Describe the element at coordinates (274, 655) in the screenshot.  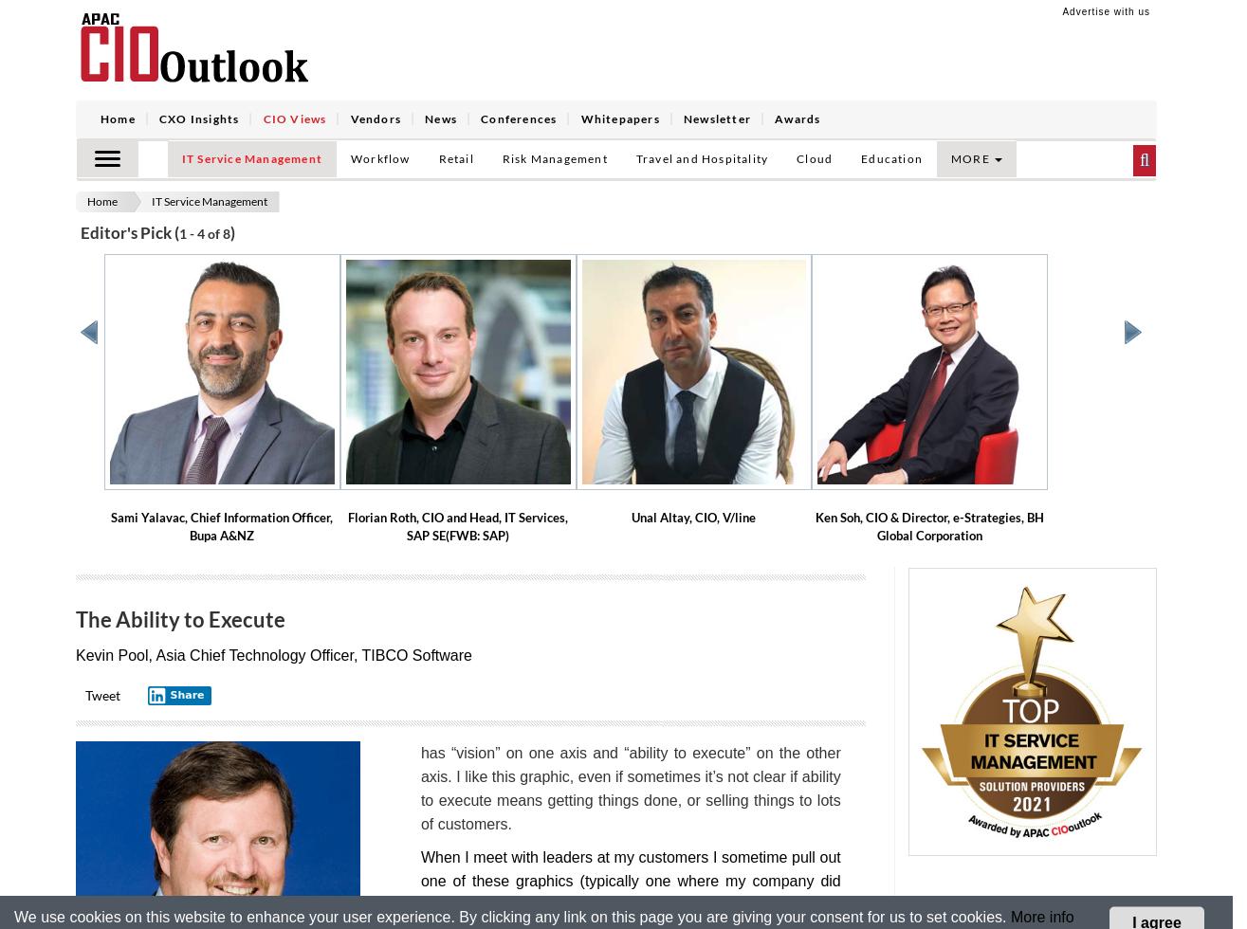
I see `'Kevin Pool,  Asia Chief Technology Officer,  TIBCO Software'` at that location.